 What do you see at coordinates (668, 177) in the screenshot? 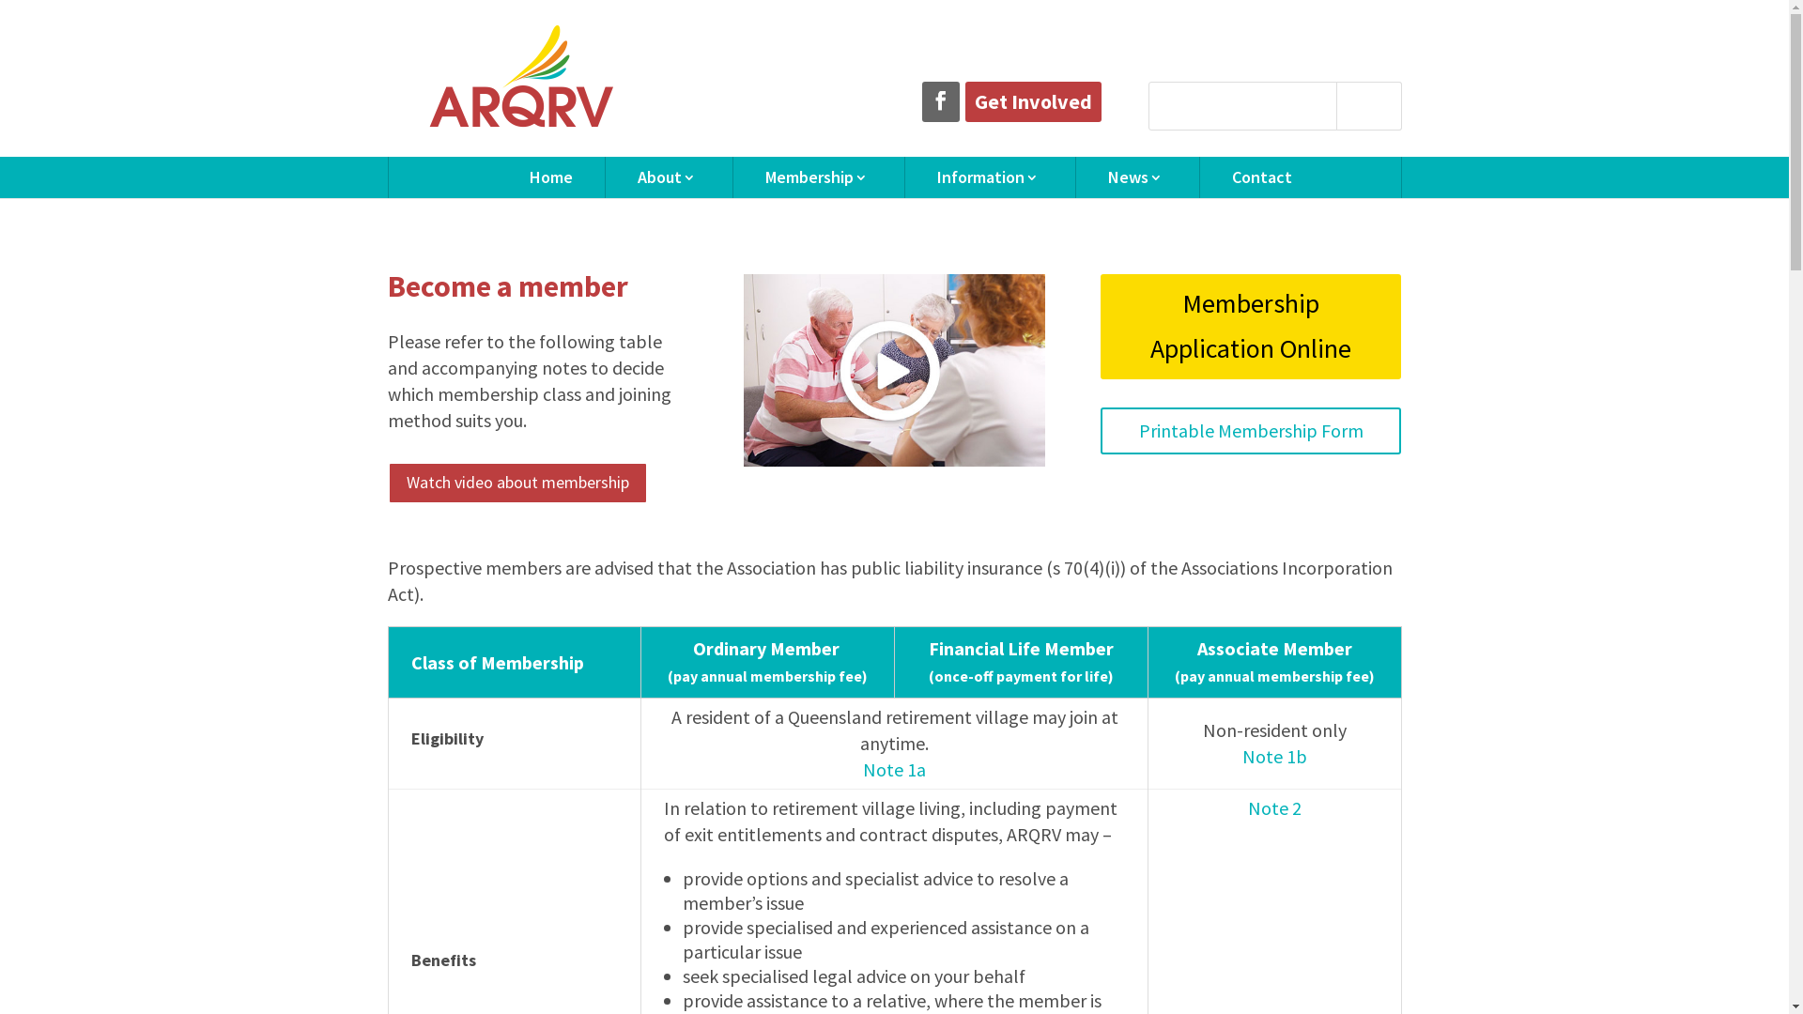
I see `'About'` at bounding box center [668, 177].